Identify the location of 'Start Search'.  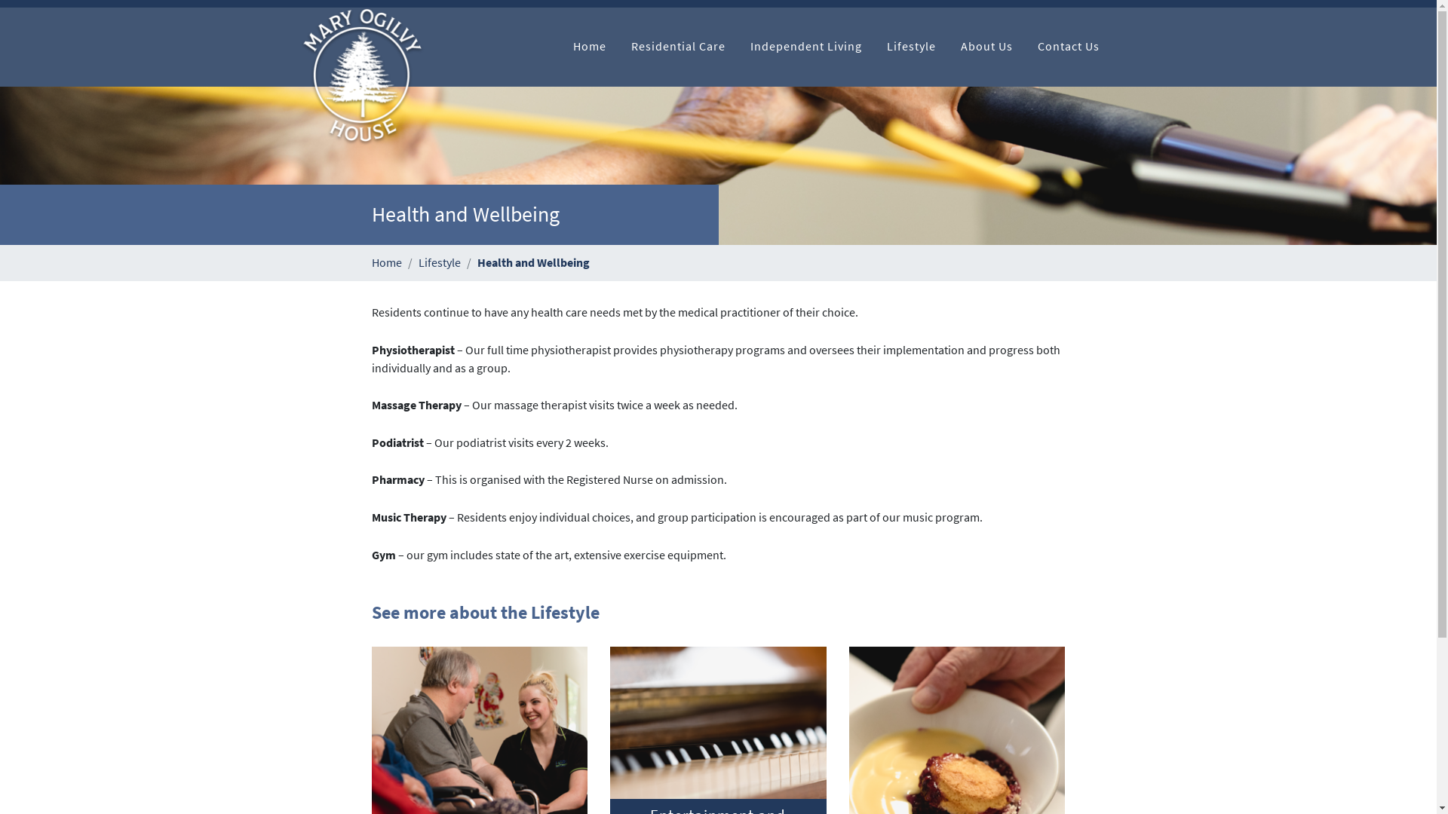
(1127, 49).